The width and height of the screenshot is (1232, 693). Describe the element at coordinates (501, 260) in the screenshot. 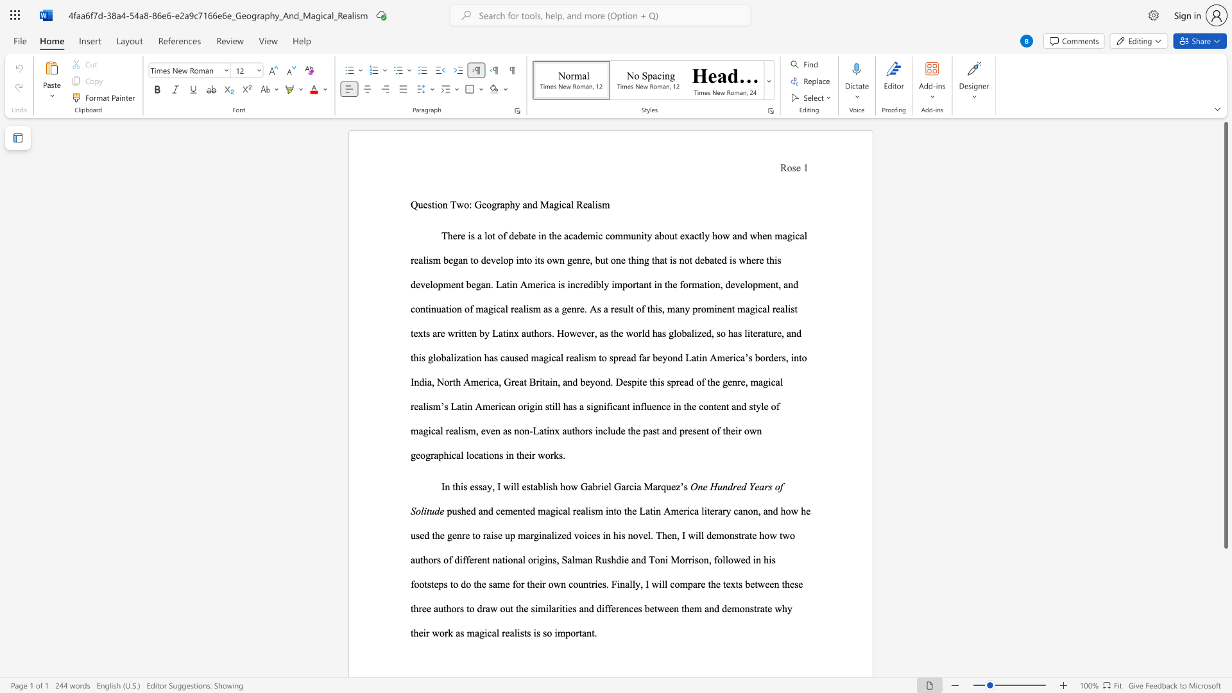

I see `the 5th character "l" in the text` at that location.